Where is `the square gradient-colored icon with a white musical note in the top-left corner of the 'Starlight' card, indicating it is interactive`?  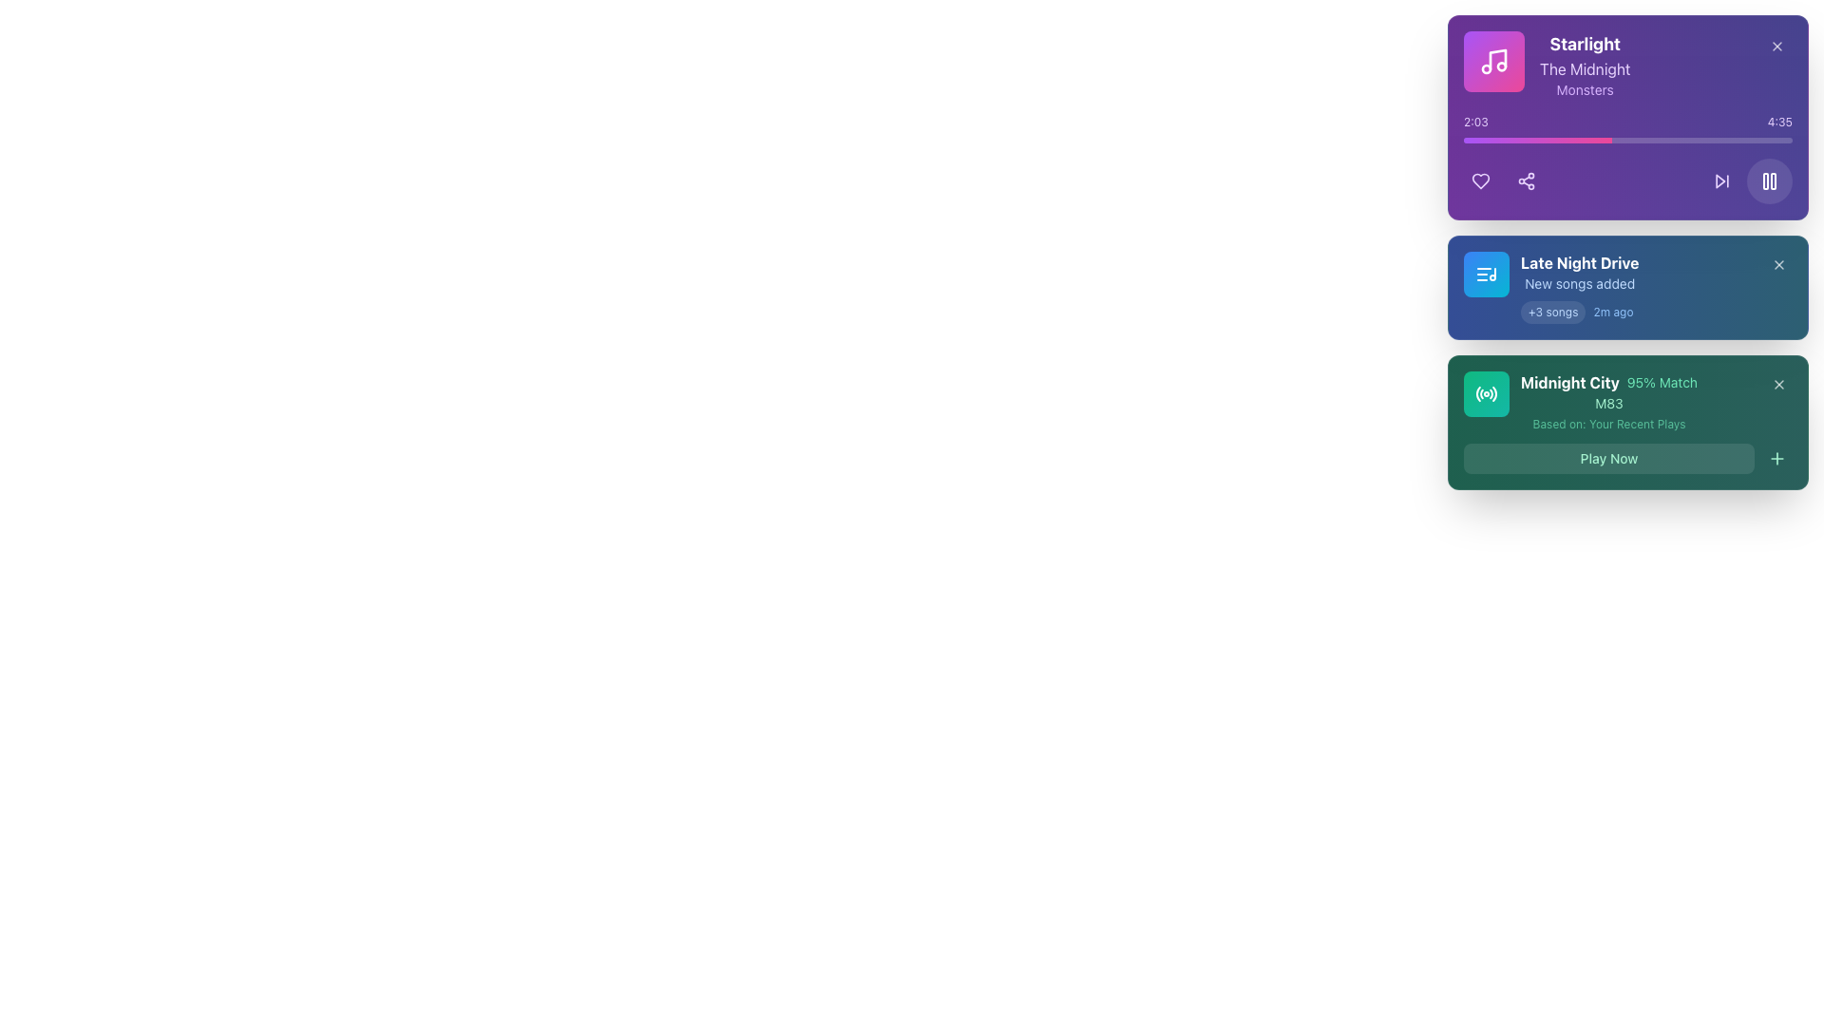 the square gradient-colored icon with a white musical note in the top-left corner of the 'Starlight' card, indicating it is interactive is located at coordinates (1493, 61).